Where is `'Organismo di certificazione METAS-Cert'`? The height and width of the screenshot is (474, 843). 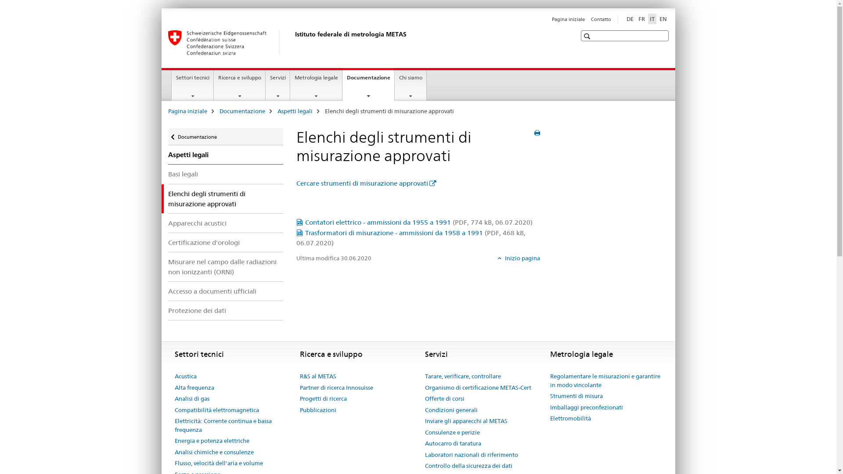
'Organismo di certificazione METAS-Cert' is located at coordinates (425, 387).